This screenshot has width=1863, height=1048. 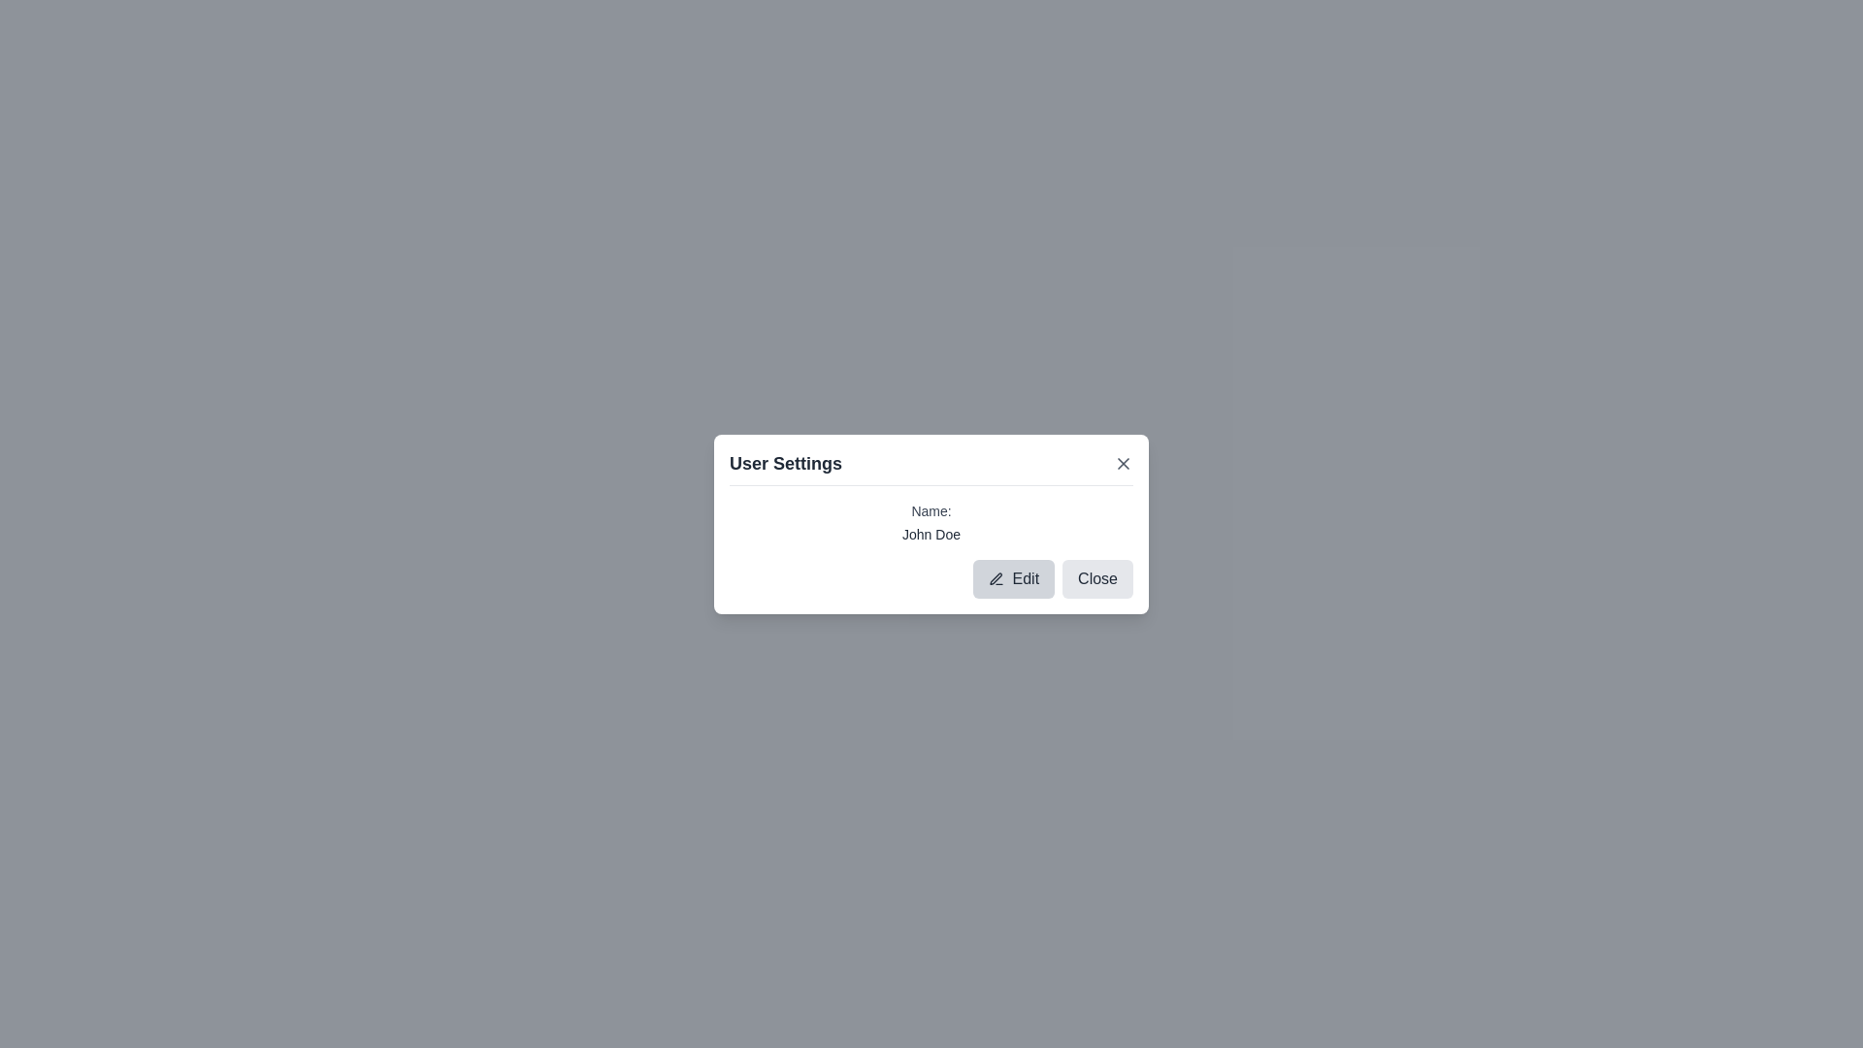 I want to click on the close button represented by an 'X' icon in the User Settings header to change its appearance, so click(x=1123, y=463).